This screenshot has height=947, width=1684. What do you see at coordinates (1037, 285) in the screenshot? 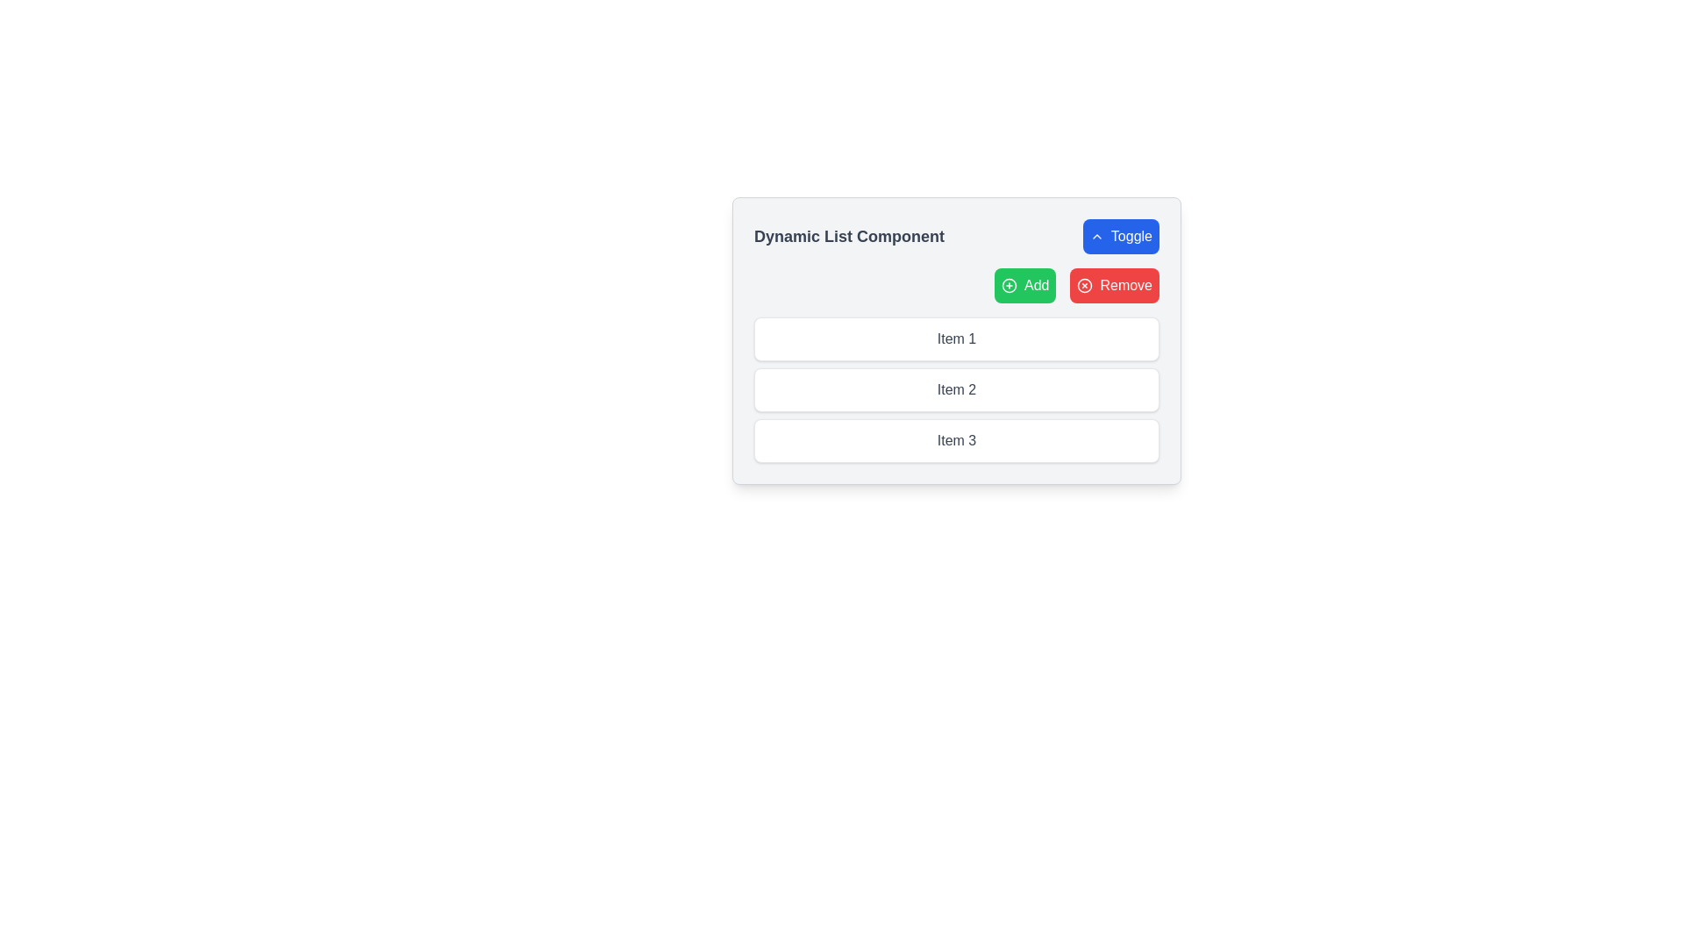
I see `the 'Add' text label located within the green button in the 'Dynamic List Component'` at bounding box center [1037, 285].